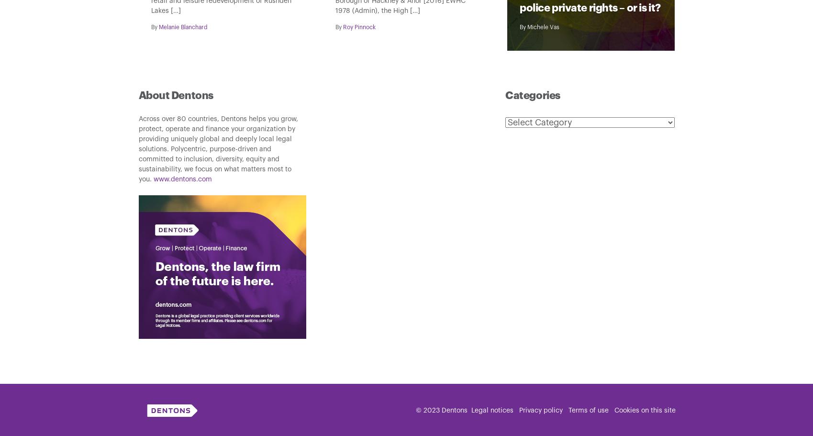  I want to click on 'About Dentons', so click(175, 95).